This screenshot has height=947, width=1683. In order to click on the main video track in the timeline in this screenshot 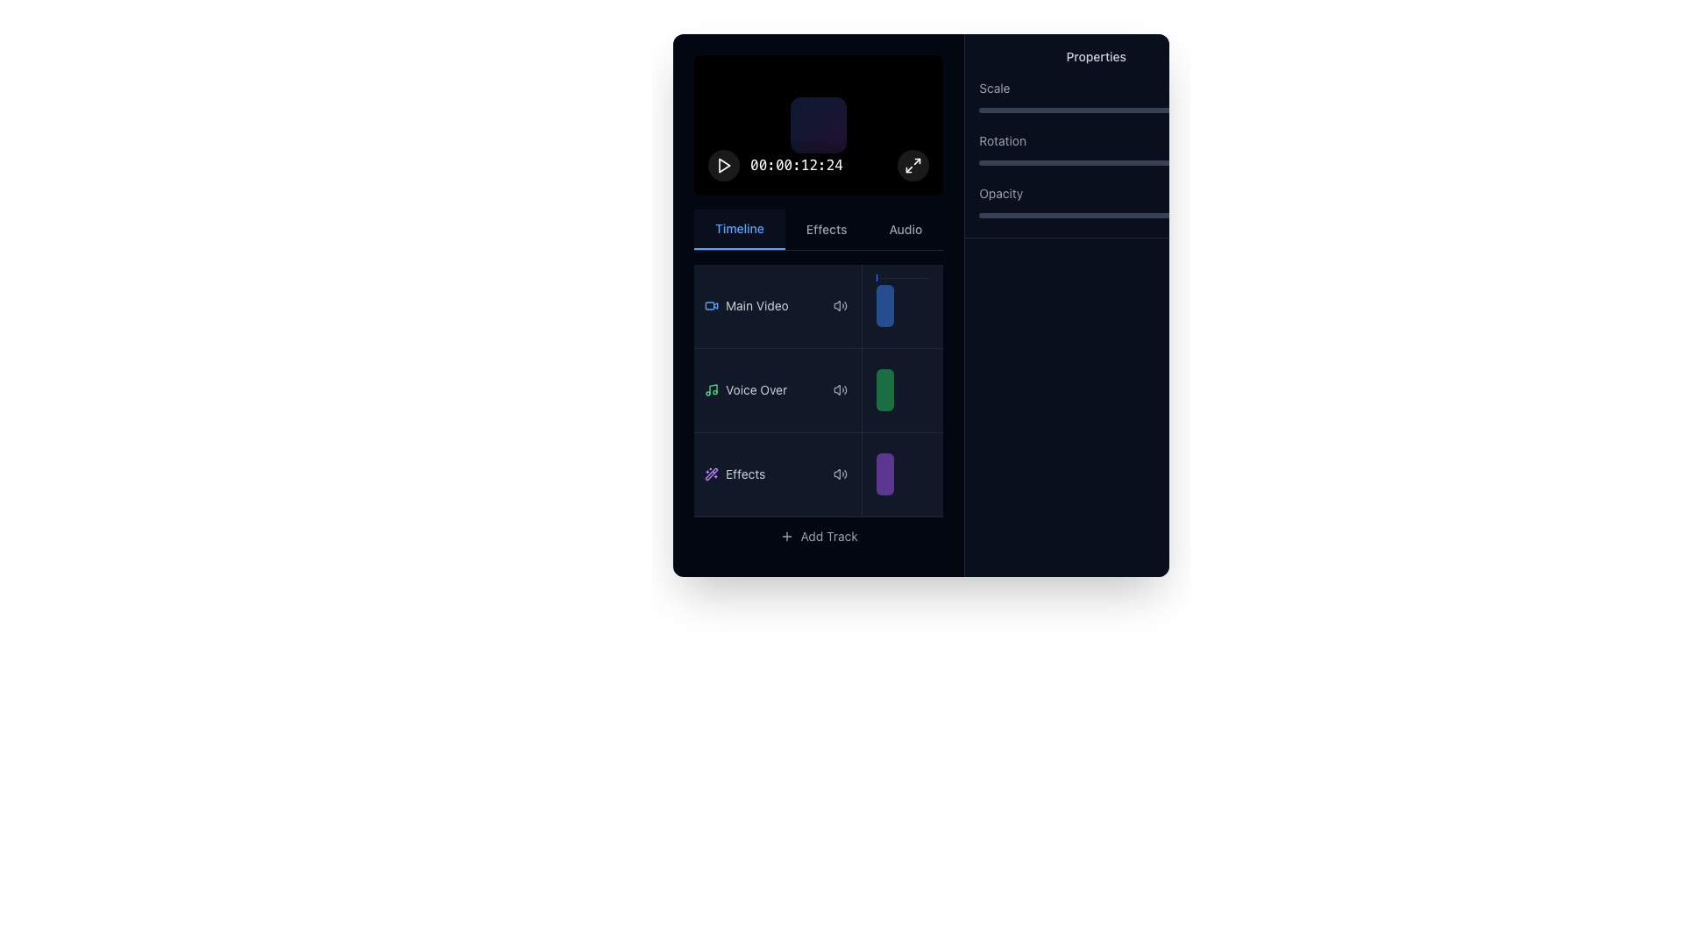, I will do `click(778, 304)`.